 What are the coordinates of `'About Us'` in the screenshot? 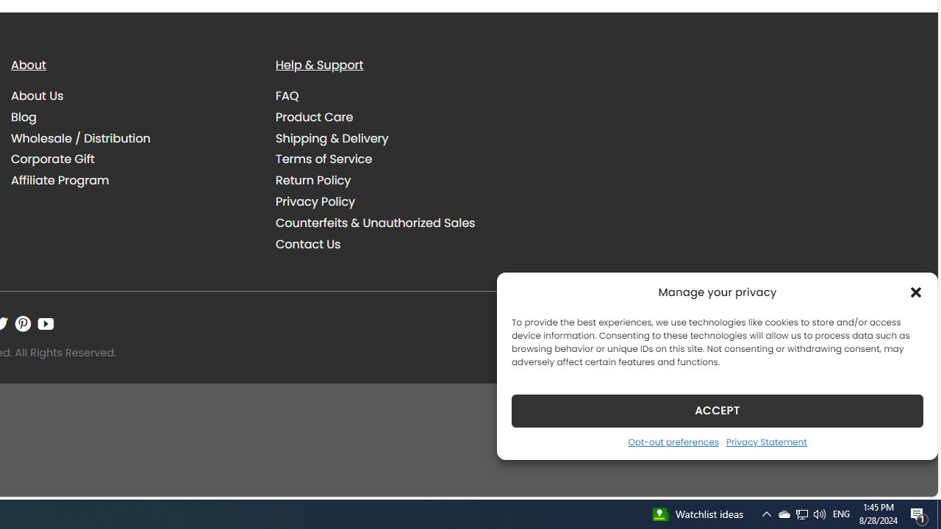 It's located at (37, 96).